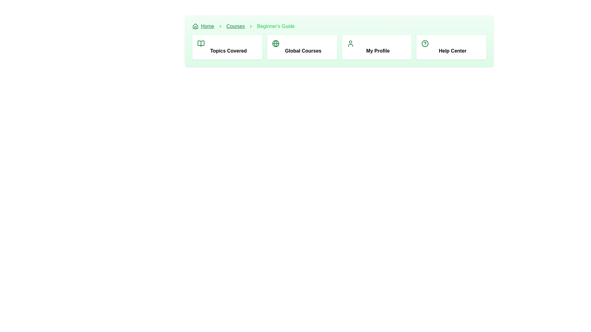  I want to click on the 'Global Courses' text label, which is styled in bold and positioned next to a globe icon within a white, rounded rectangular card, so click(303, 50).